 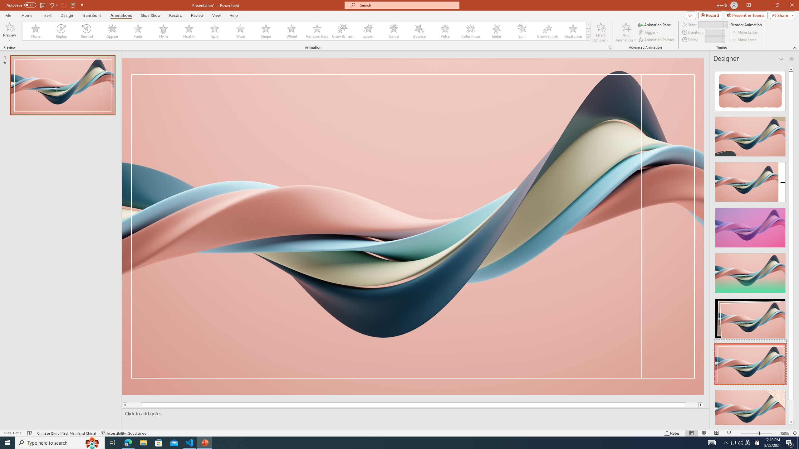 What do you see at coordinates (588, 37) in the screenshot?
I see `'Animation Styles'` at bounding box center [588, 37].